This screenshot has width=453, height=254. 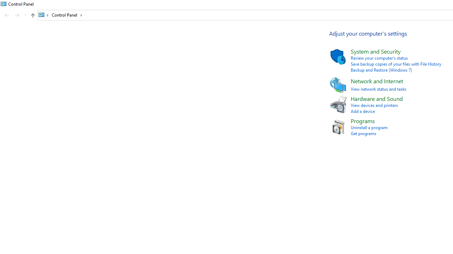 What do you see at coordinates (15, 15) in the screenshot?
I see `'Navigation buttons'` at bounding box center [15, 15].